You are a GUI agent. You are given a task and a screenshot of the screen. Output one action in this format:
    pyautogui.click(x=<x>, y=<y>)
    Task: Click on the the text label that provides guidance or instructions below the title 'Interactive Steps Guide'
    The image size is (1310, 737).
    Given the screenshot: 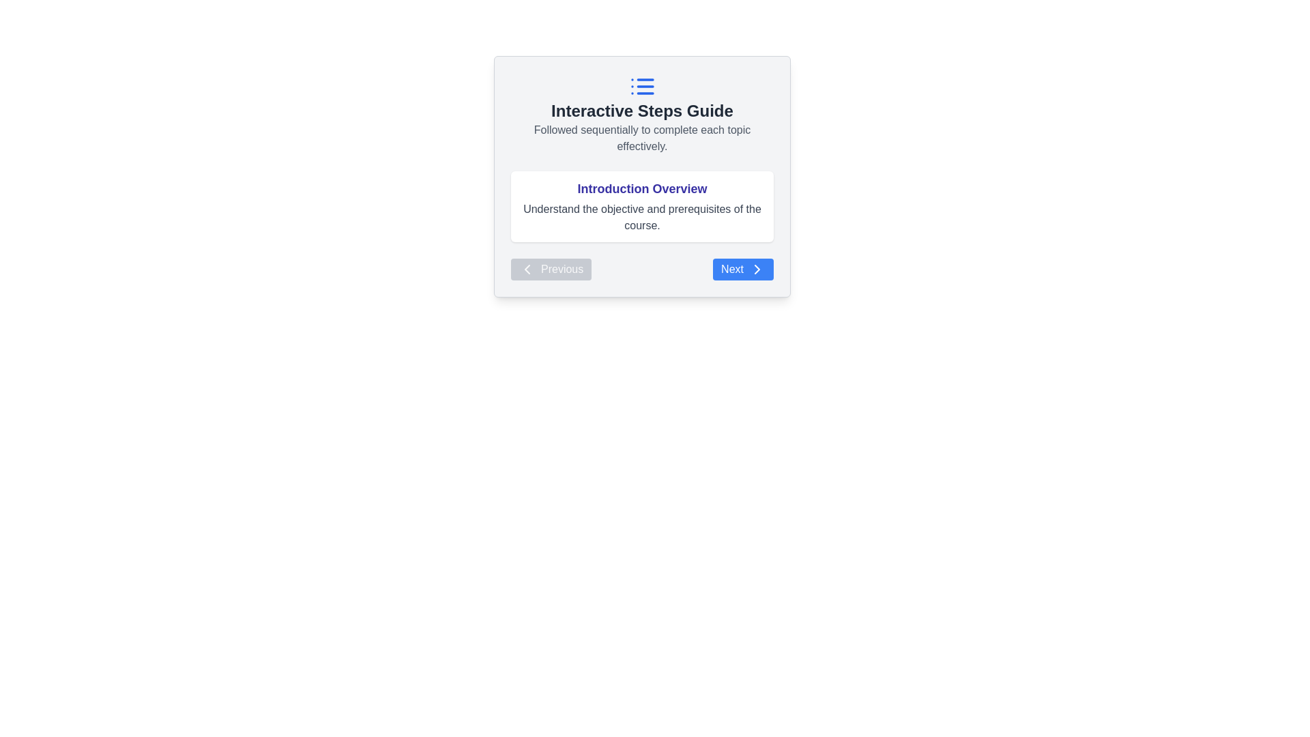 What is the action you would take?
    pyautogui.click(x=641, y=139)
    